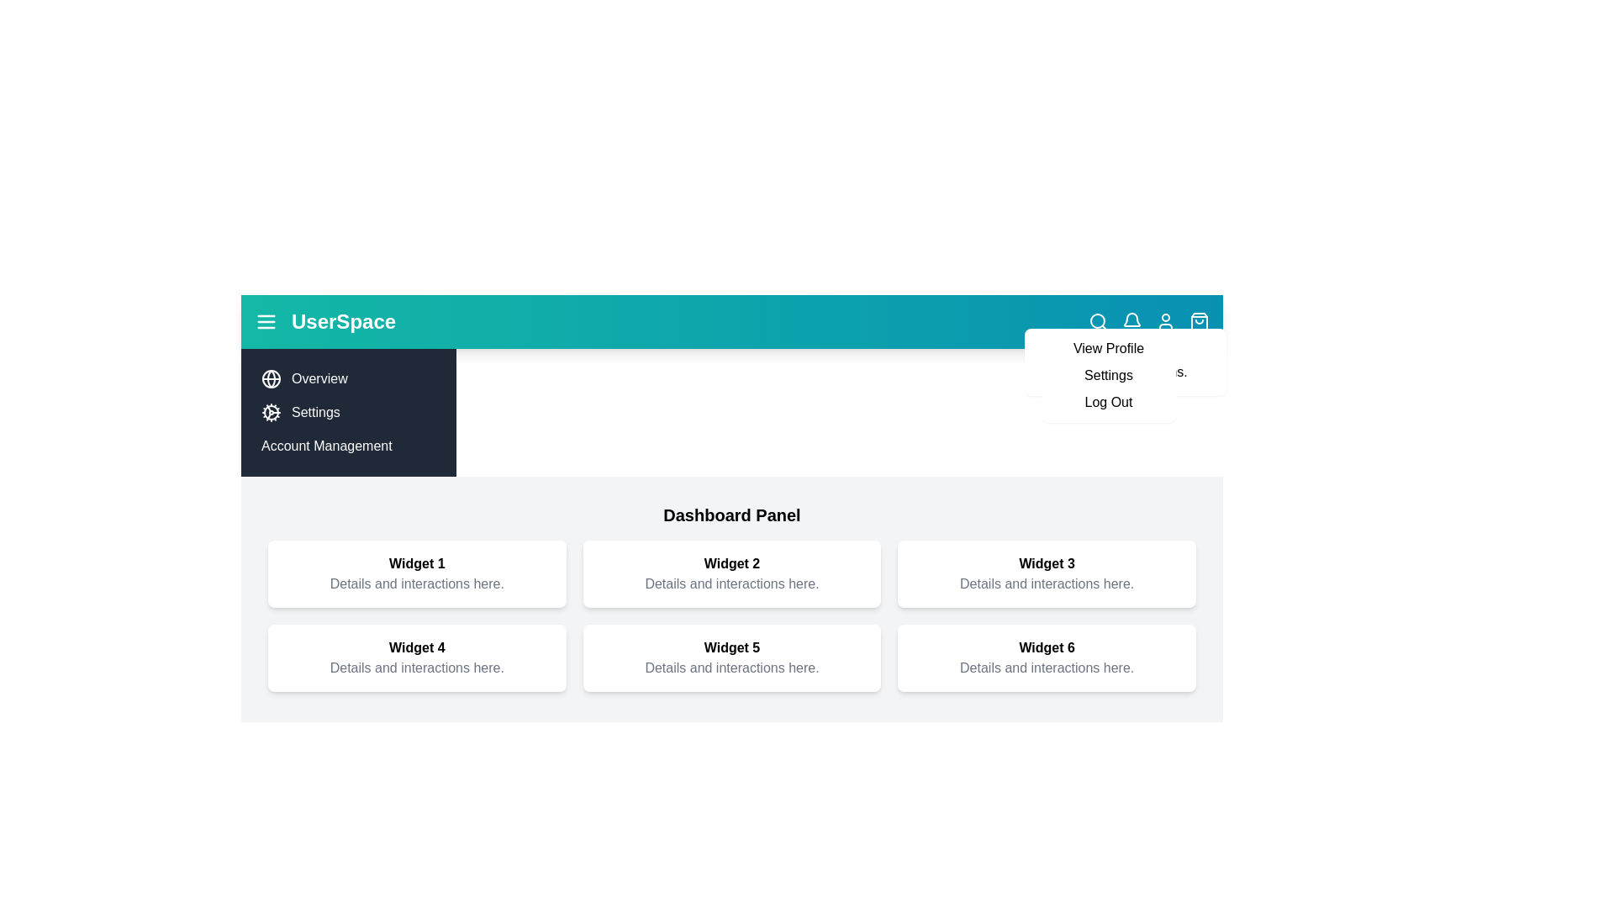 The height and width of the screenshot is (908, 1614). Describe the element at coordinates (1109, 402) in the screenshot. I see `the 'Log Out' text link, which is the last item in a vertical list of options within a dropdown menu in the upper-right corner of the interface` at that location.